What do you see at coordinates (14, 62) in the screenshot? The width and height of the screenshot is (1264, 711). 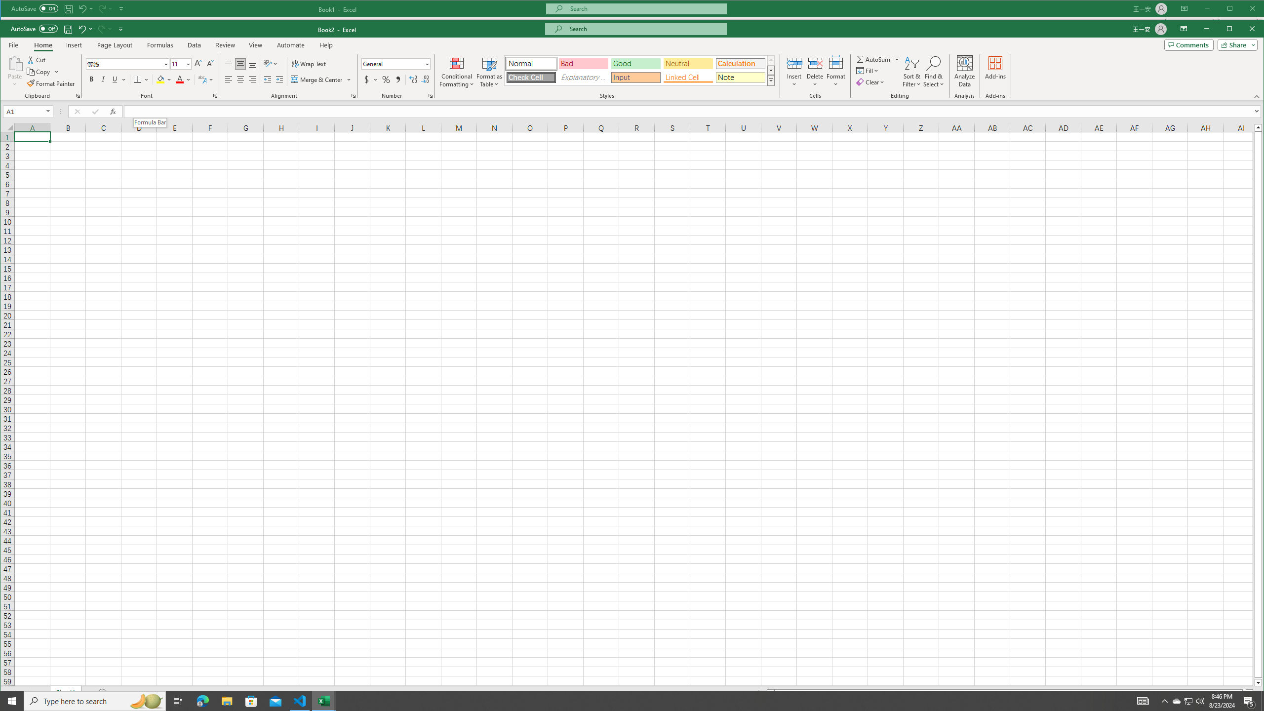 I see `'Paste'` at bounding box center [14, 62].